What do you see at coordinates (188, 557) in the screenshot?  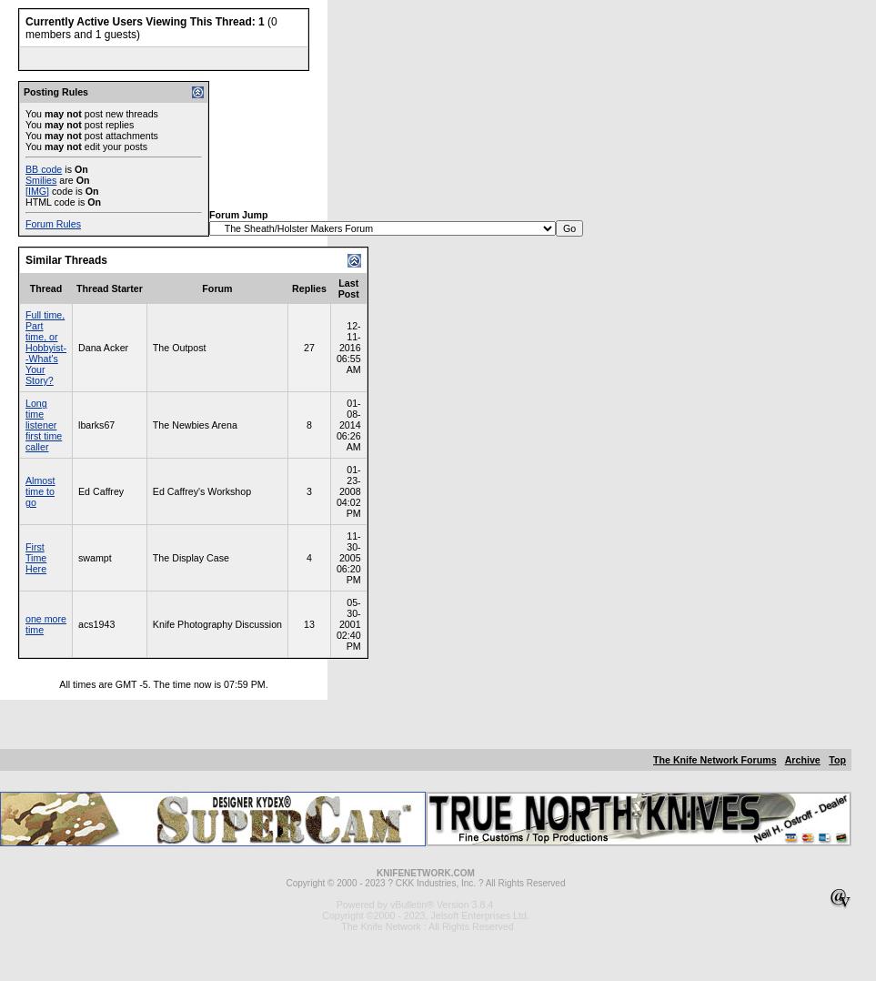 I see `'The Display Case'` at bounding box center [188, 557].